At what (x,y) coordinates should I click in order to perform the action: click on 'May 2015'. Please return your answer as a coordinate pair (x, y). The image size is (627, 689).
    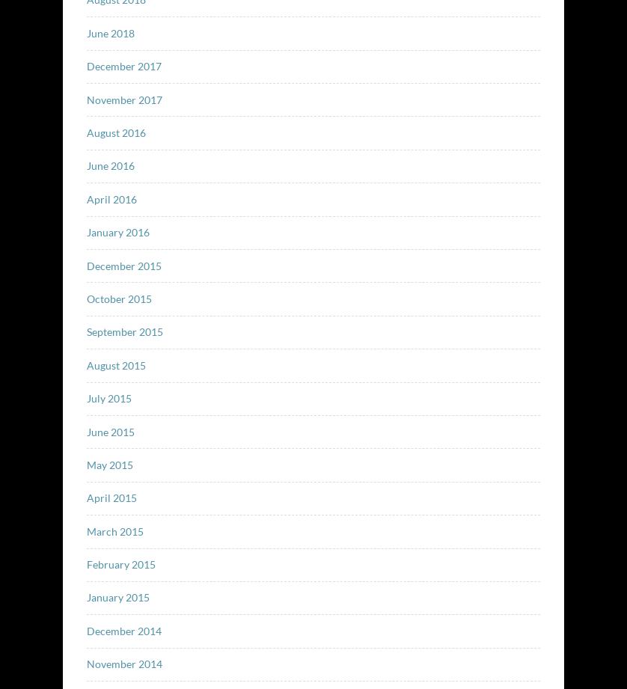
    Looking at the image, I should click on (108, 464).